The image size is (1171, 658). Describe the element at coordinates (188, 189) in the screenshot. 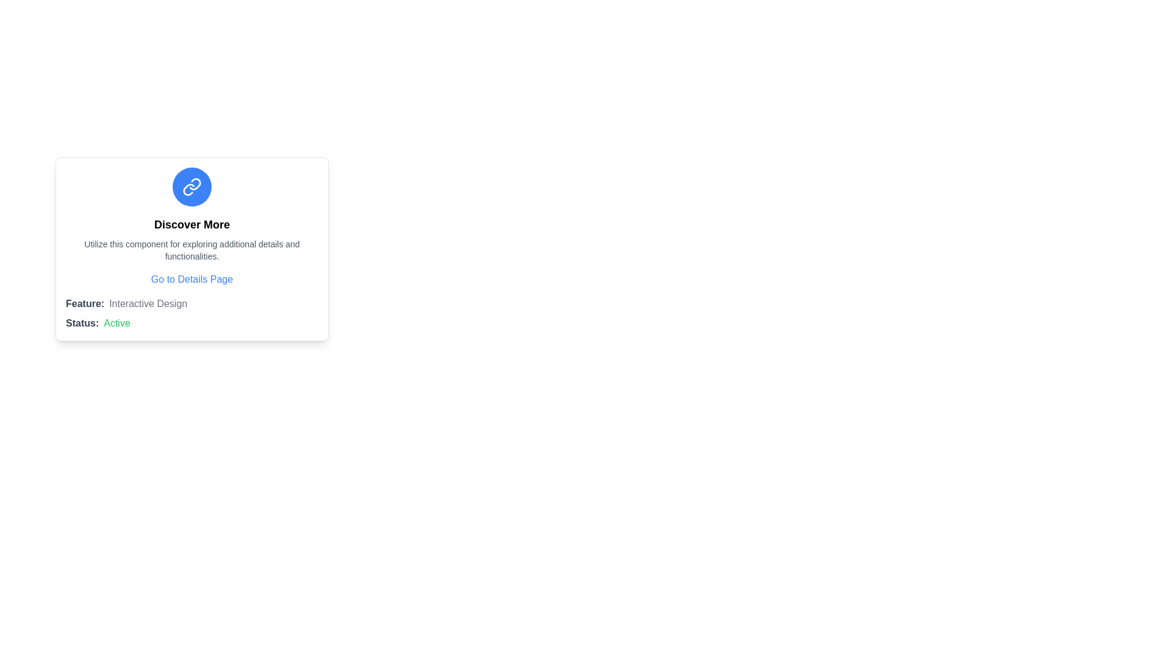

I see `the curved line element of the two-piece link icon, which is styled with a thin stroke and rounded edges, located in the blue circular design at the header of the card` at that location.